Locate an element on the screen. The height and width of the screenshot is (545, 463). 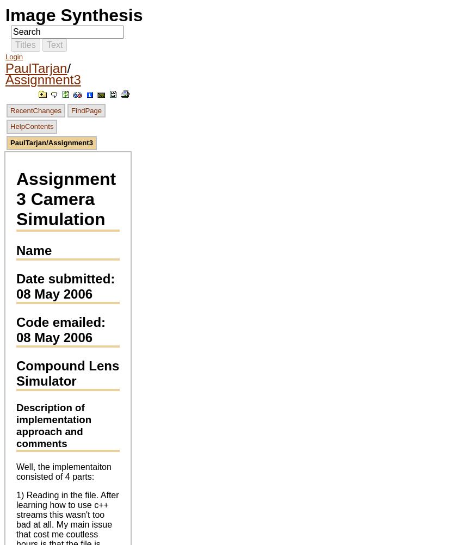
'Description of implementation approach and comments' is located at coordinates (53, 425).